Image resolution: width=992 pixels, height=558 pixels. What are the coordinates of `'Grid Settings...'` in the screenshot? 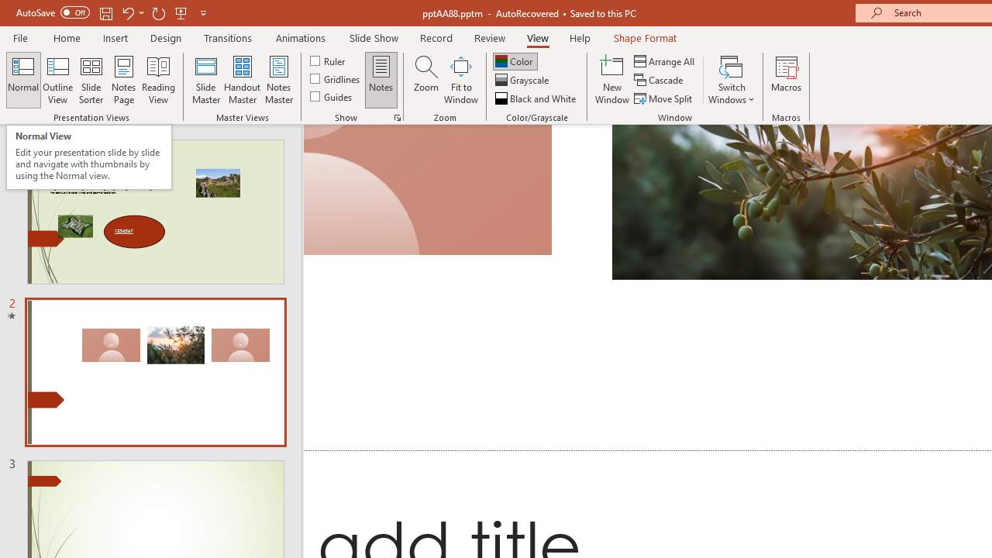 It's located at (398, 116).